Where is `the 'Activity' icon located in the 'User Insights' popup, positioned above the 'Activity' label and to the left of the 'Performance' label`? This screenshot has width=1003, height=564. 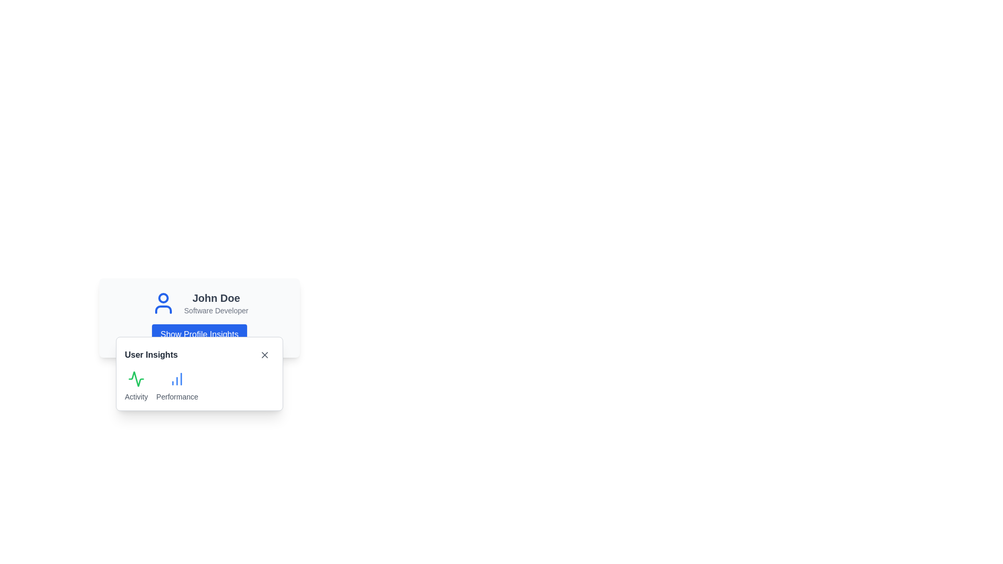 the 'Activity' icon located in the 'User Insights' popup, positioned above the 'Activity' label and to the left of the 'Performance' label is located at coordinates (136, 379).